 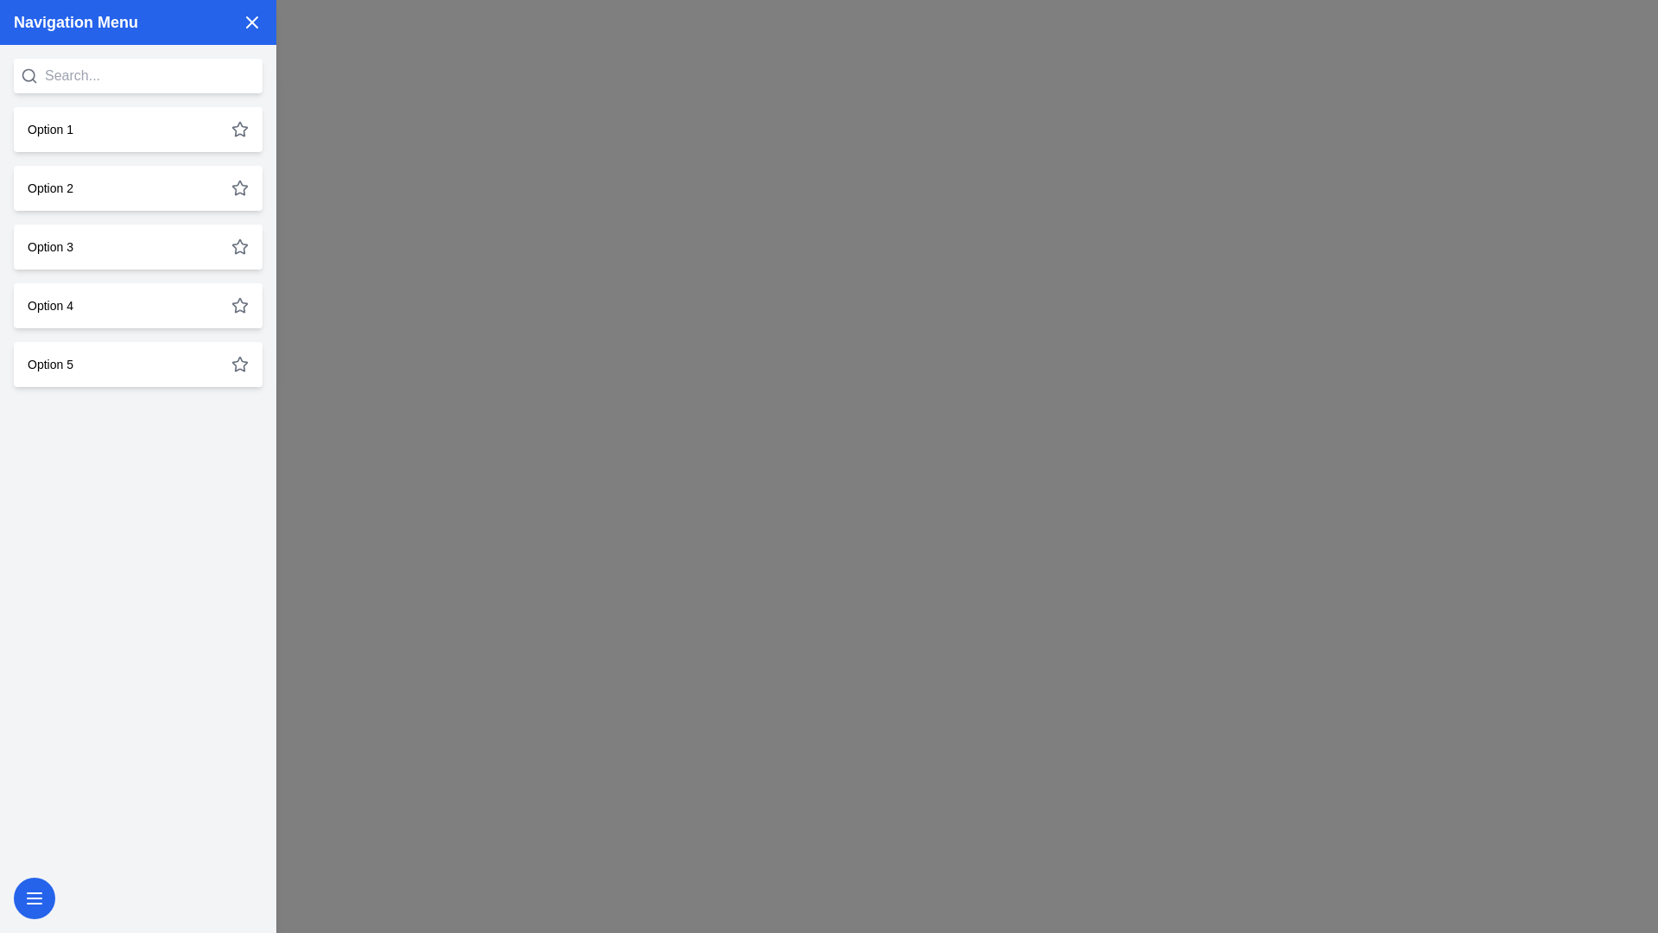 What do you see at coordinates (34, 898) in the screenshot?
I see `the small circular blue button with white iconography` at bounding box center [34, 898].